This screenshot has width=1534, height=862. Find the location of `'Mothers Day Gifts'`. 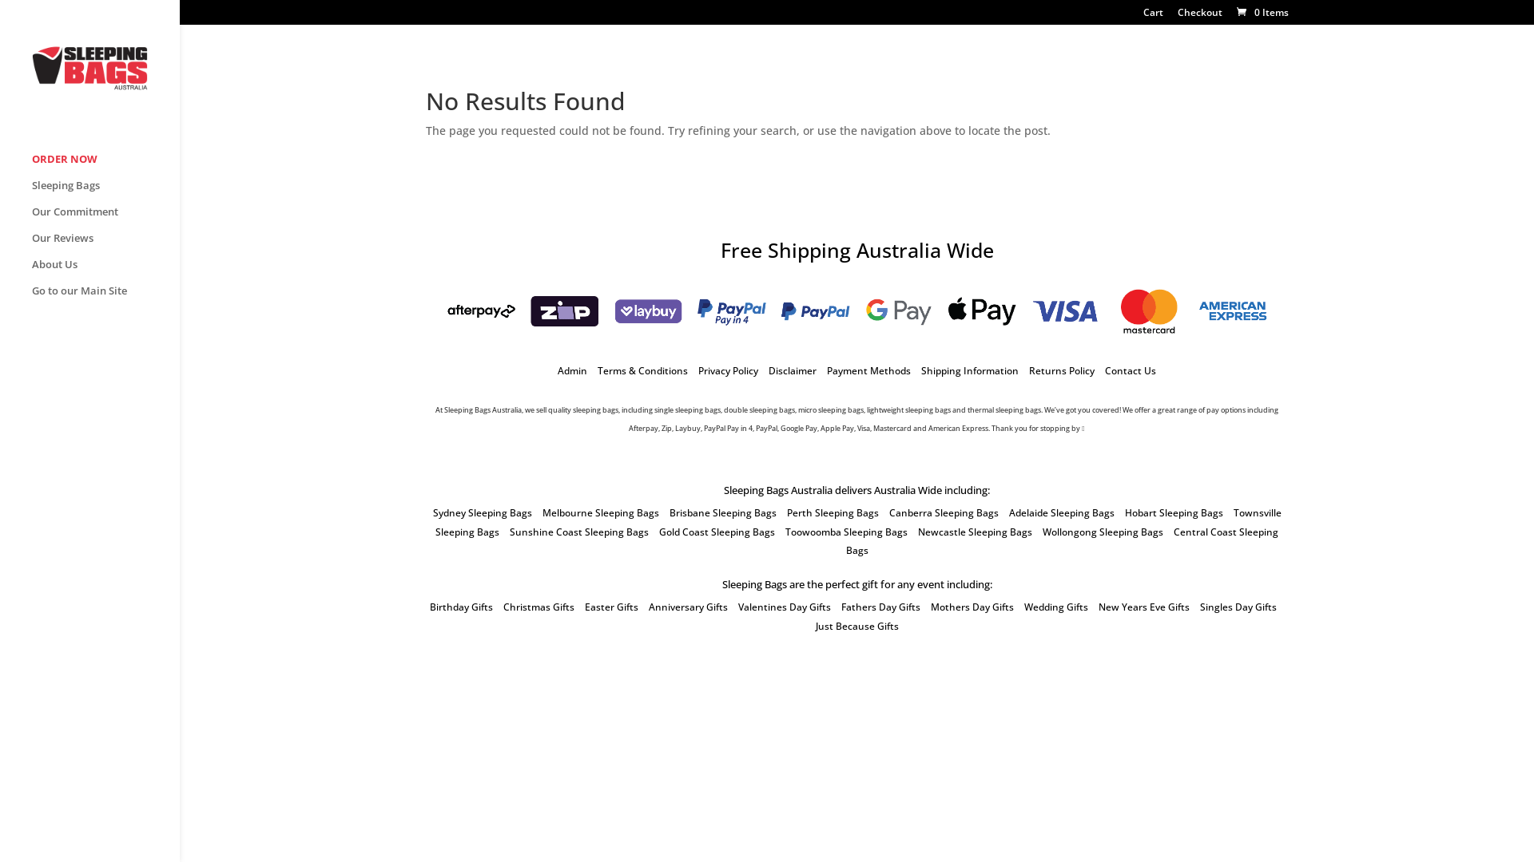

'Mothers Day Gifts' is located at coordinates (970, 607).